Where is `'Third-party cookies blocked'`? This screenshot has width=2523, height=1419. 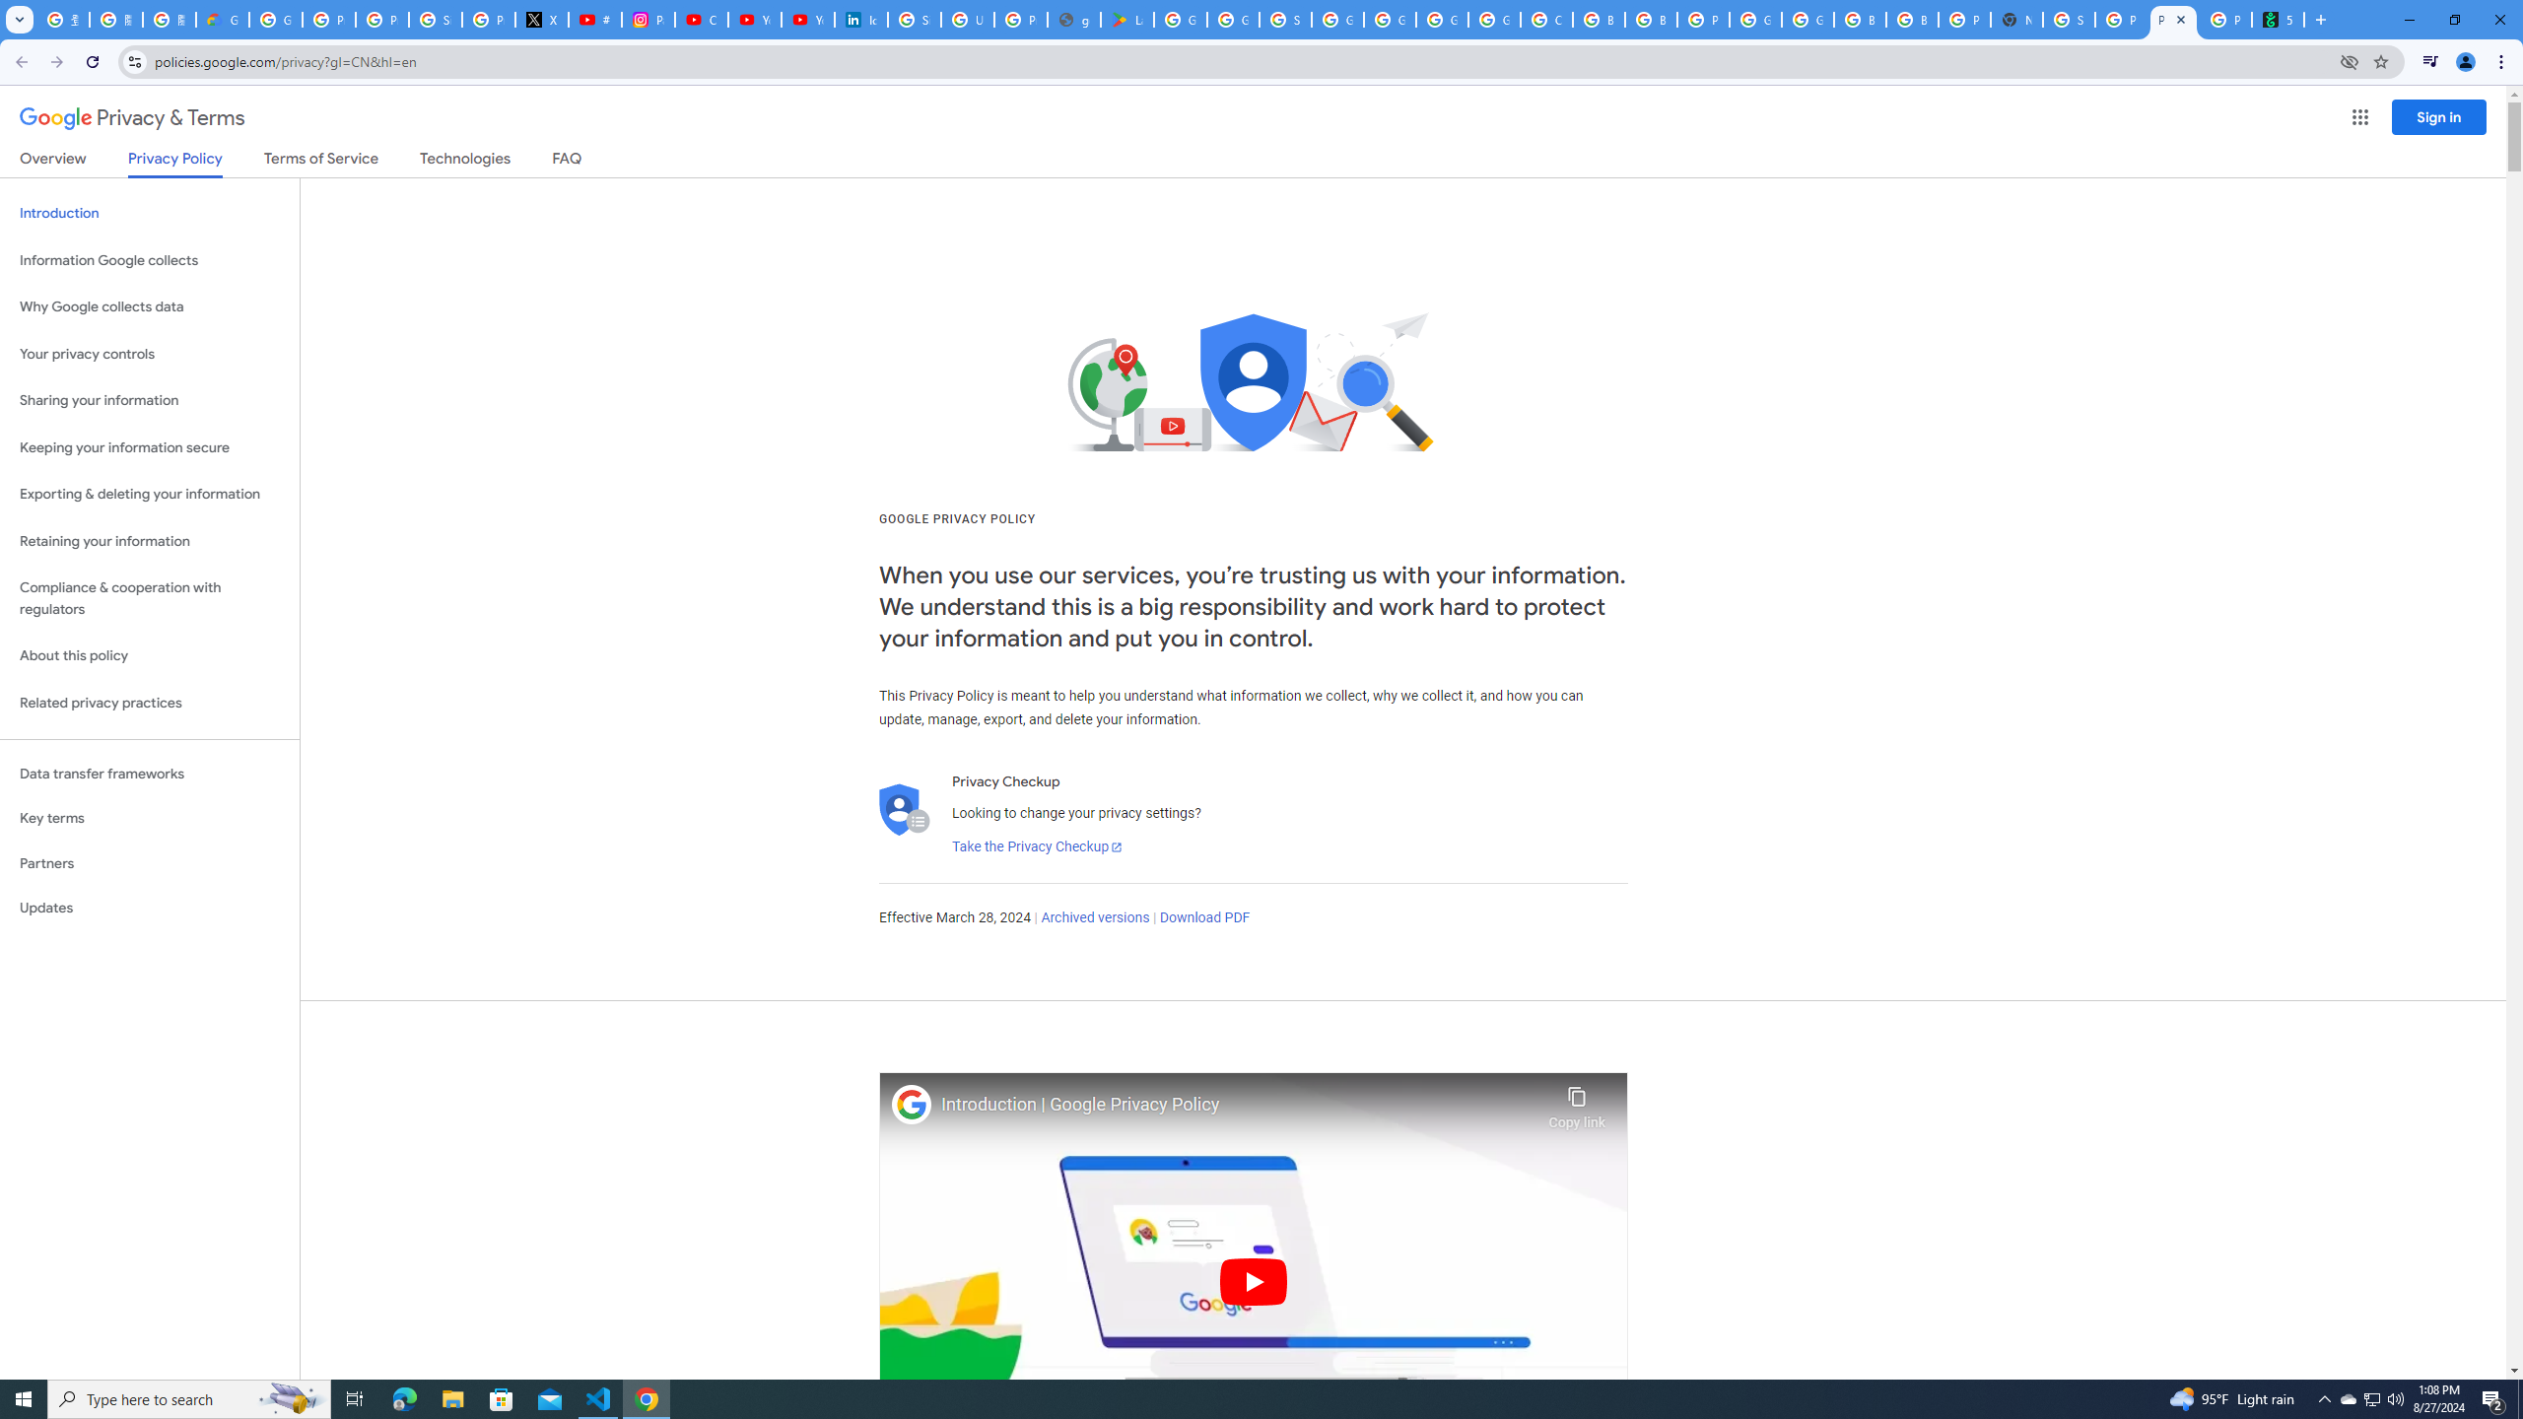
'Third-party cookies blocked' is located at coordinates (2350, 60).